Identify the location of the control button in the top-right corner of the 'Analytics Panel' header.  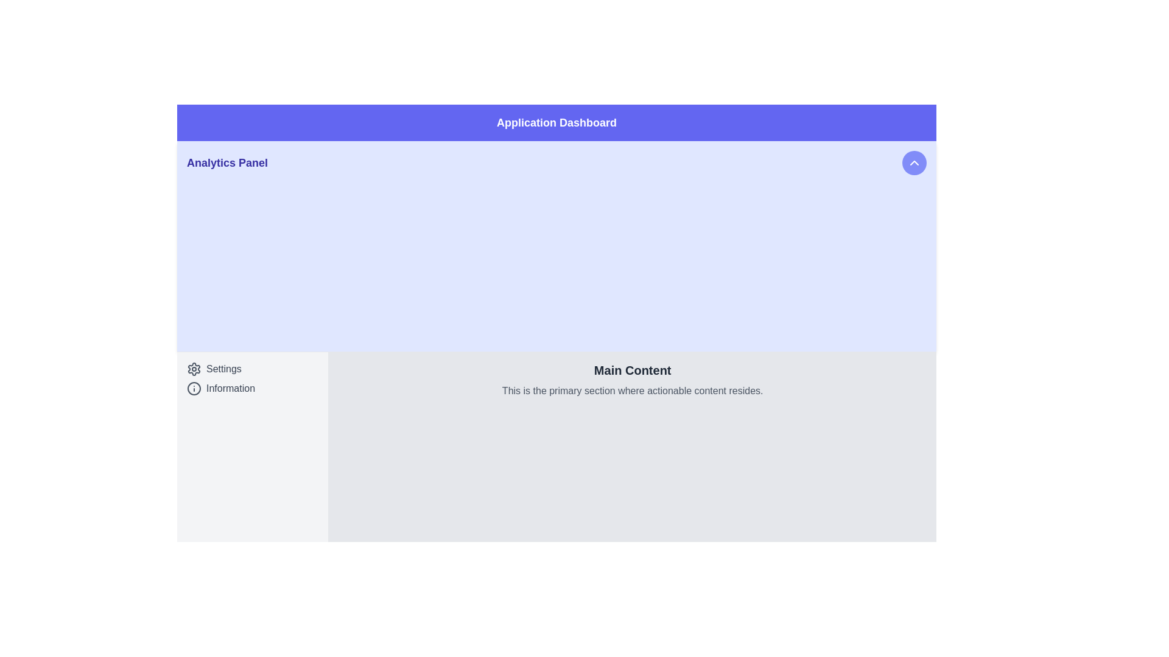
(914, 162).